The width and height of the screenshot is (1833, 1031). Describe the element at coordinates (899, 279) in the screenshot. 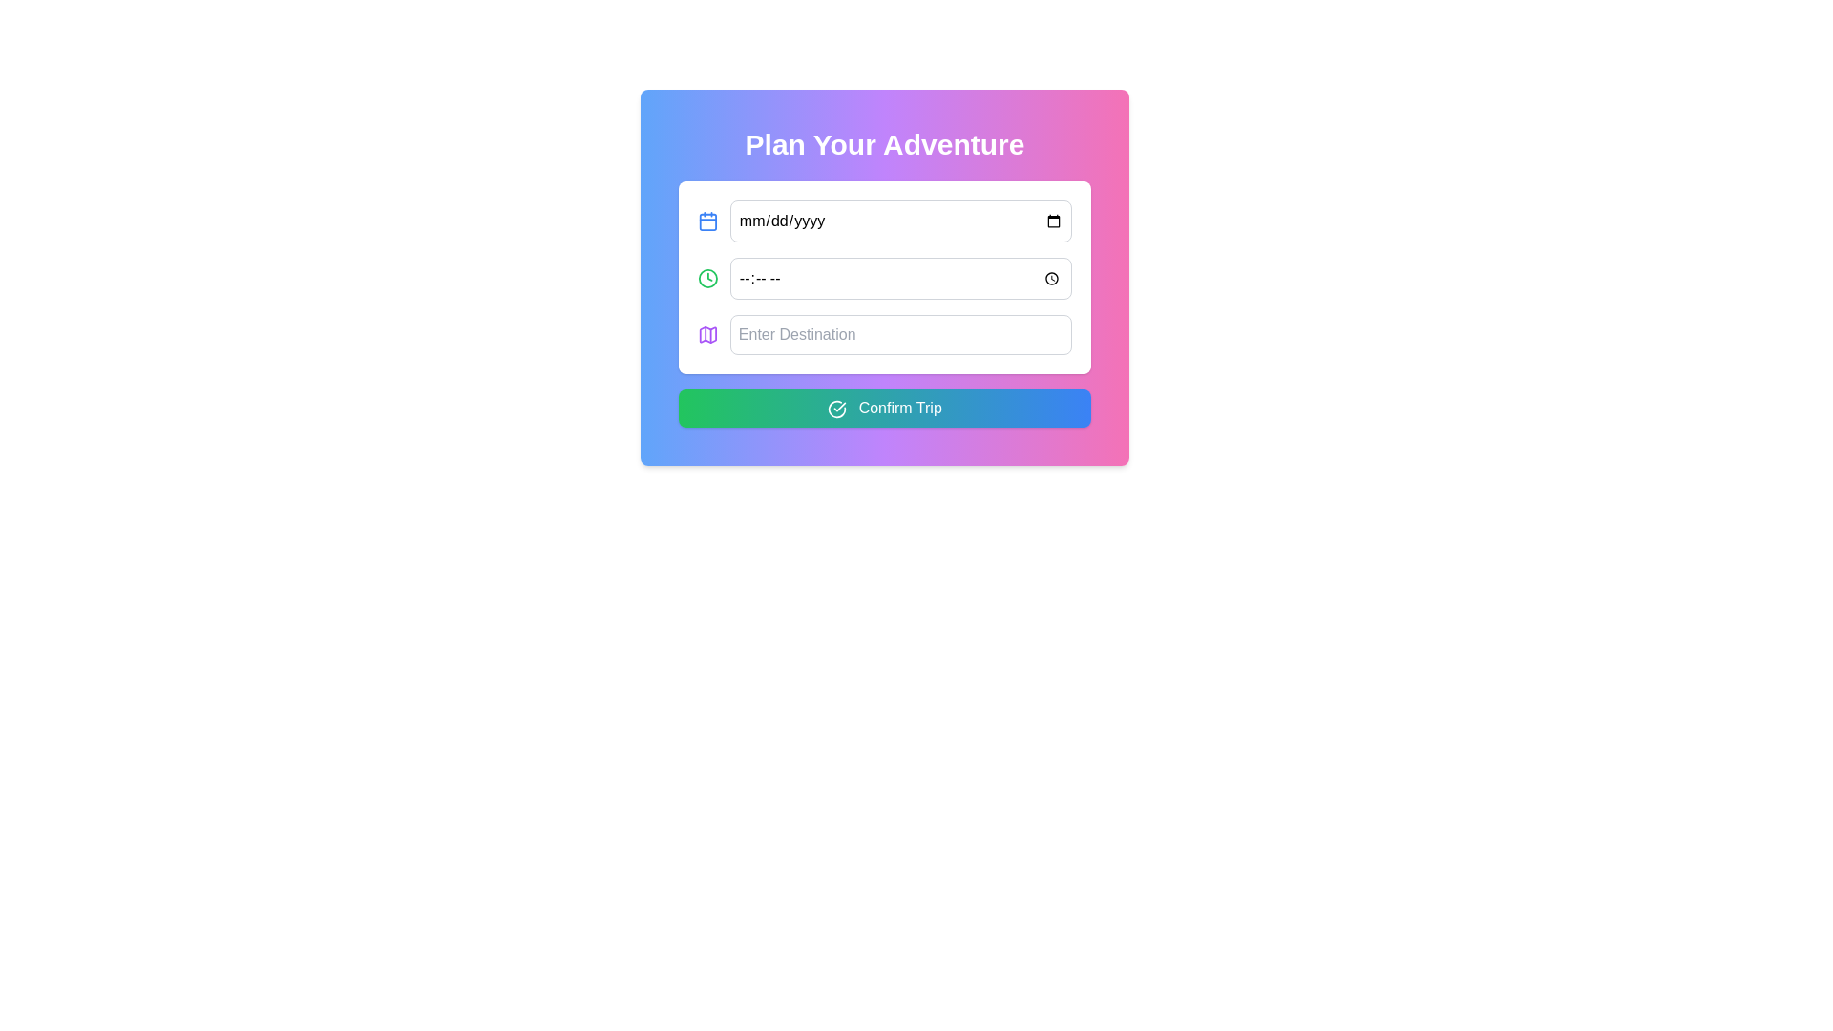

I see `a time using the popup selector from the empty rounded rectangular time input field located under the 'Plan Your Adventure' heading, positioned to the right of the green clock icon` at that location.